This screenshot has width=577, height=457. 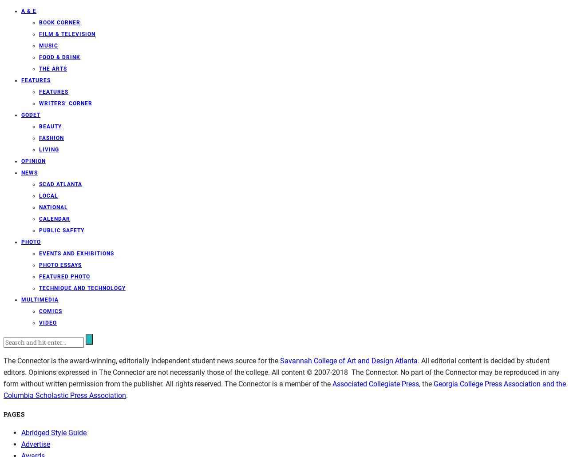 What do you see at coordinates (59, 57) in the screenshot?
I see `'Food & Drink'` at bounding box center [59, 57].